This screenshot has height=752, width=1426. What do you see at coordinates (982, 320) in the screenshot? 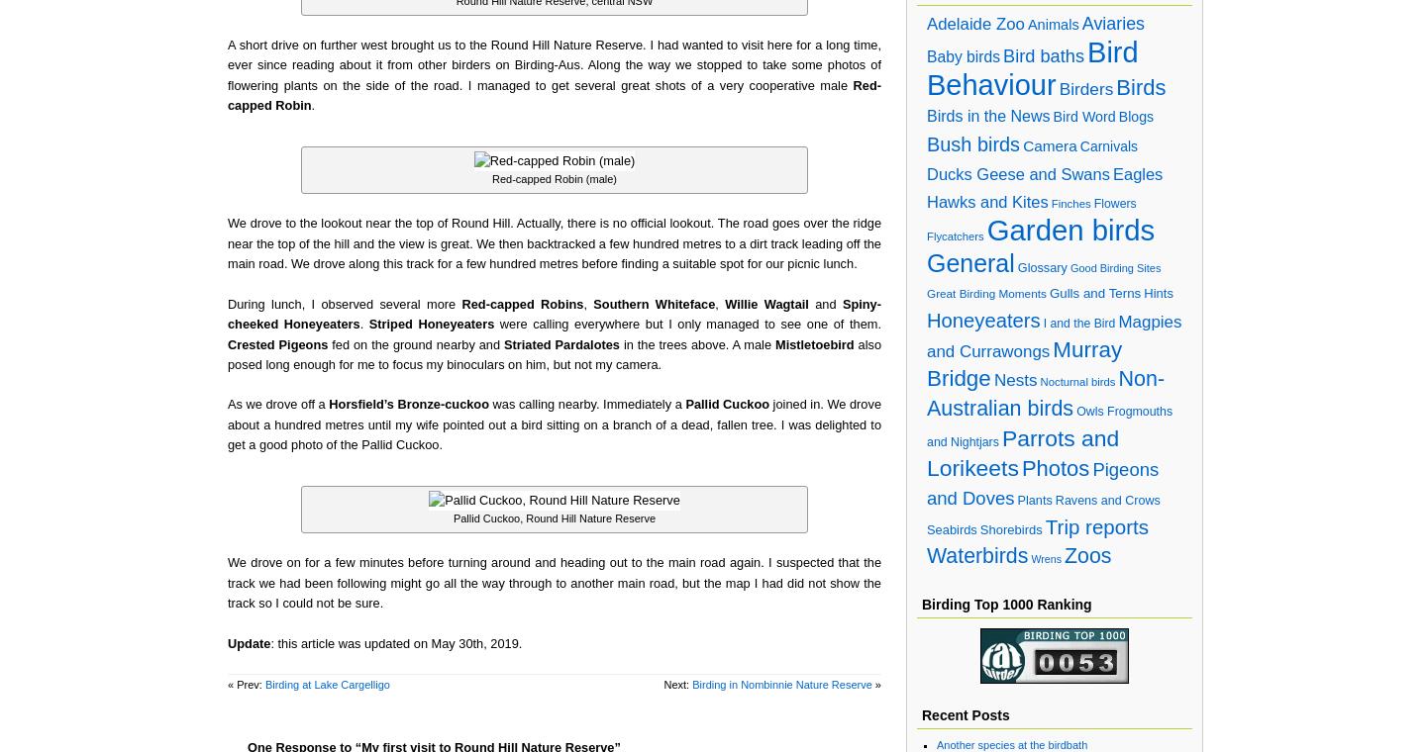
I see `'Honeyeaters'` at bounding box center [982, 320].